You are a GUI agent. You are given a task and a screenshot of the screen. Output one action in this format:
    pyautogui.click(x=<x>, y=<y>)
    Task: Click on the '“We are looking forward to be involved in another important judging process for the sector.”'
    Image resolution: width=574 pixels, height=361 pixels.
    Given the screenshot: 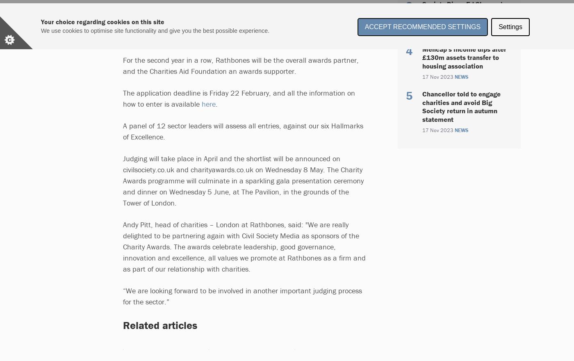 What is the action you would take?
    pyautogui.click(x=242, y=296)
    